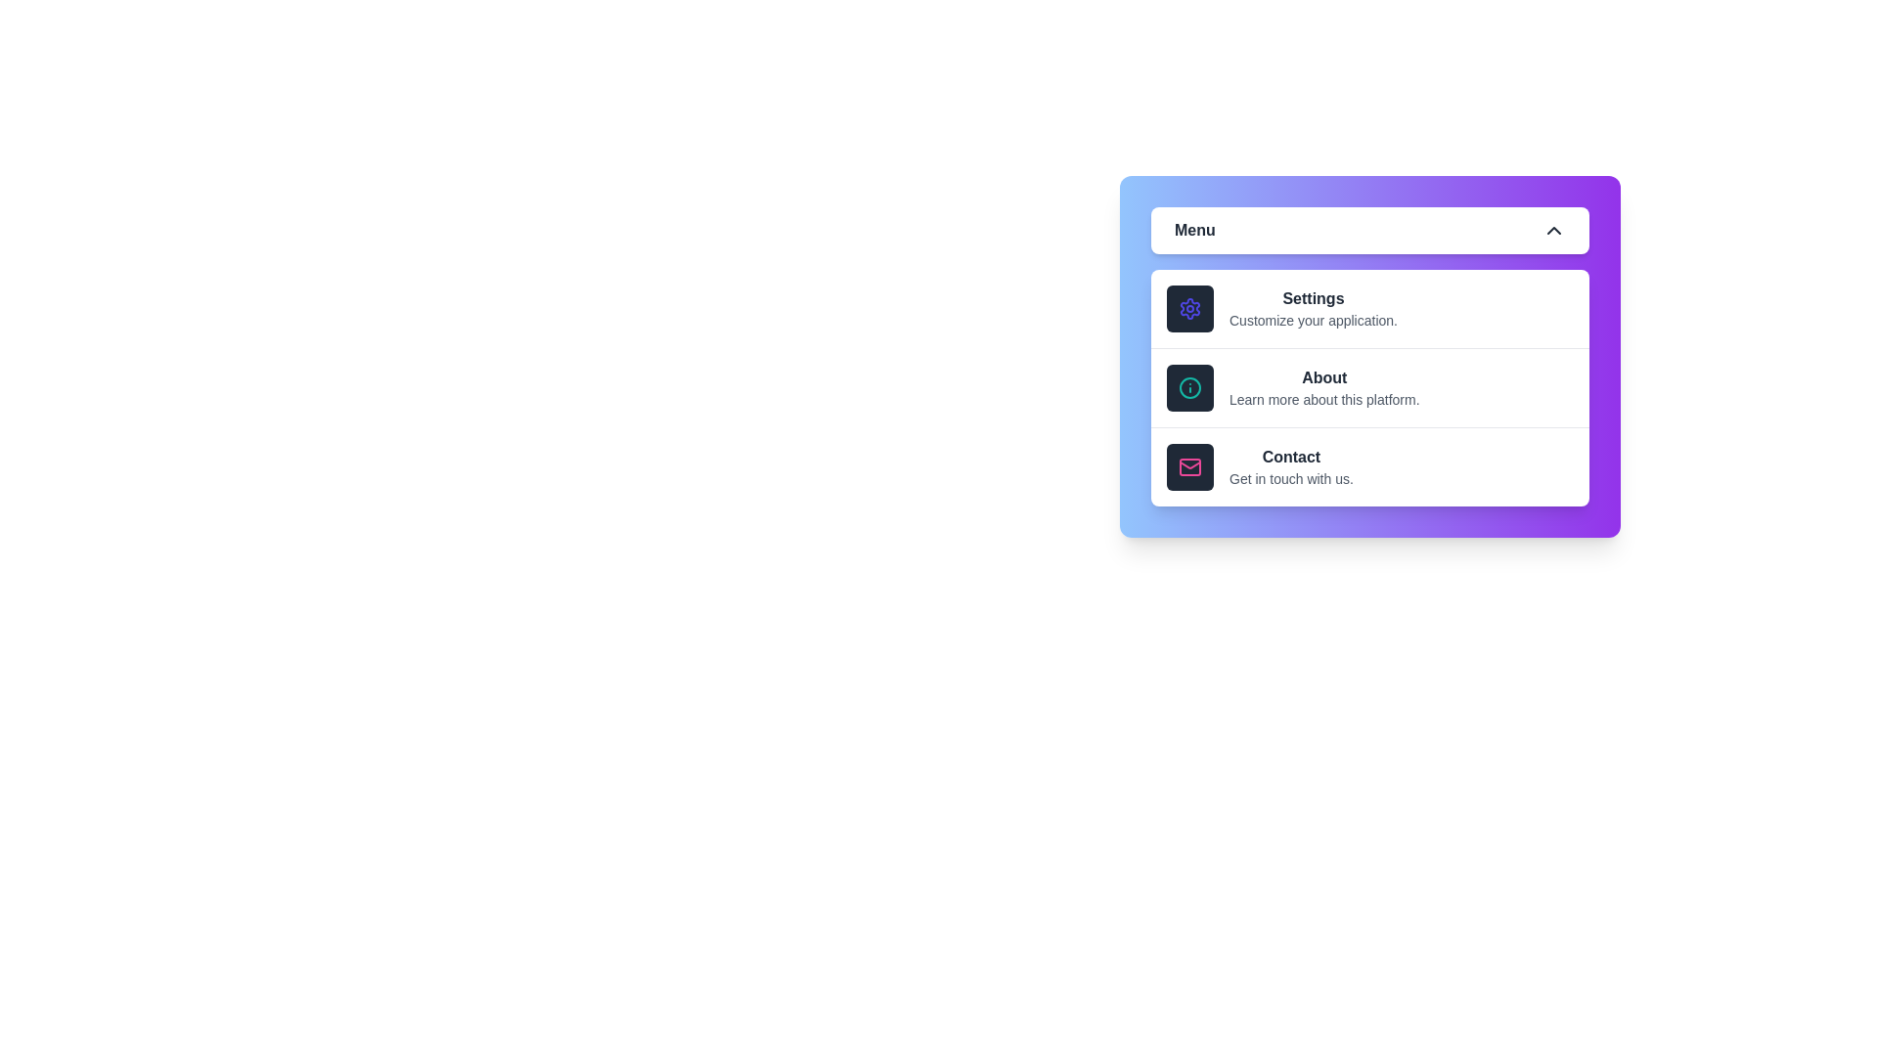 The width and height of the screenshot is (1878, 1056). What do you see at coordinates (1369, 387) in the screenshot?
I see `the 'About' option in the menu` at bounding box center [1369, 387].